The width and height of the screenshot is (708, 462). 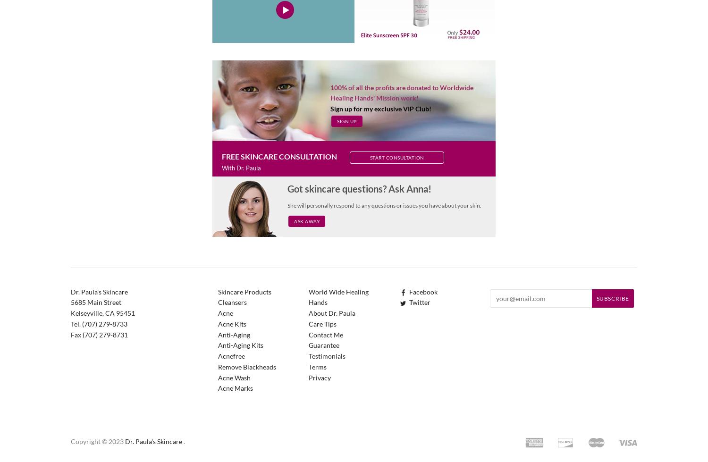 I want to click on 'With Dr. Paula', so click(x=241, y=167).